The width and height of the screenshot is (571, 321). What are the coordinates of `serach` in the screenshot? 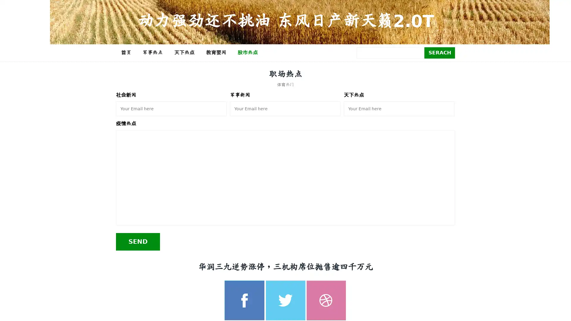 It's located at (440, 52).